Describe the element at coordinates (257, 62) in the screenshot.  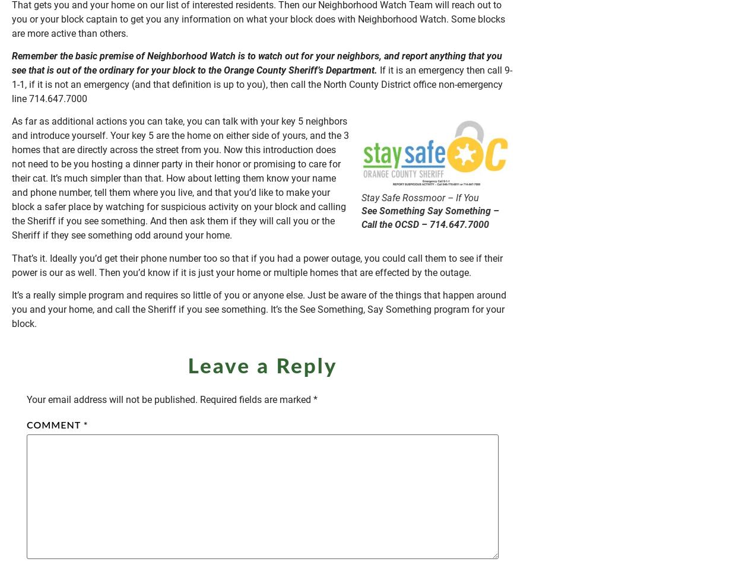
I see `'Remember the basic premise of Neighborhood Watch is to watch out for your neighbors, and report anything that you see that is out of the ordinary for your block to the Orange County Sheriff’s Department.'` at that location.